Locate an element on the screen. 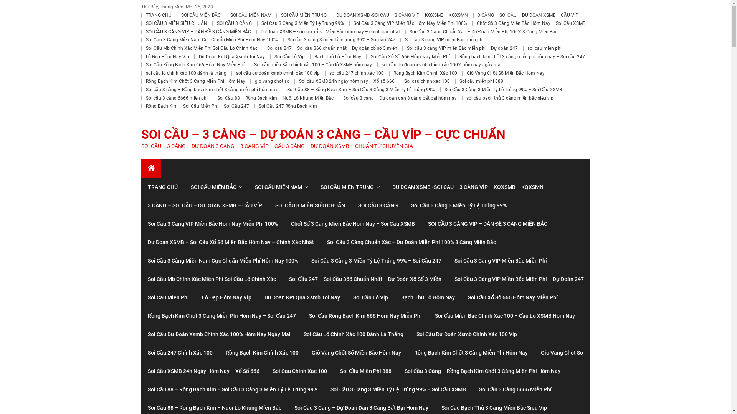  'Skip to content' is located at coordinates (18, 5).